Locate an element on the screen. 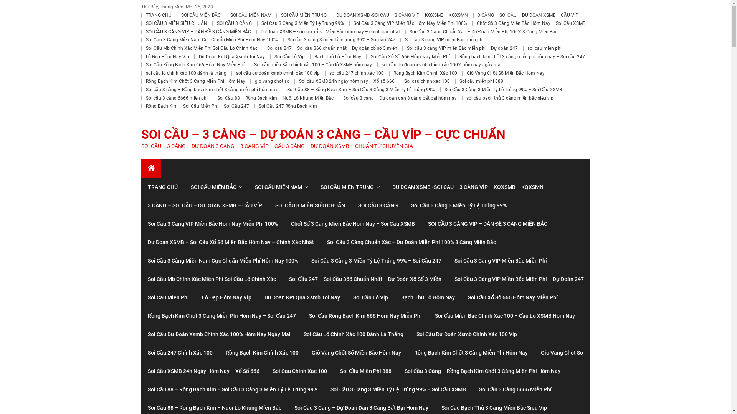  'Skip to content' is located at coordinates (18, 5).